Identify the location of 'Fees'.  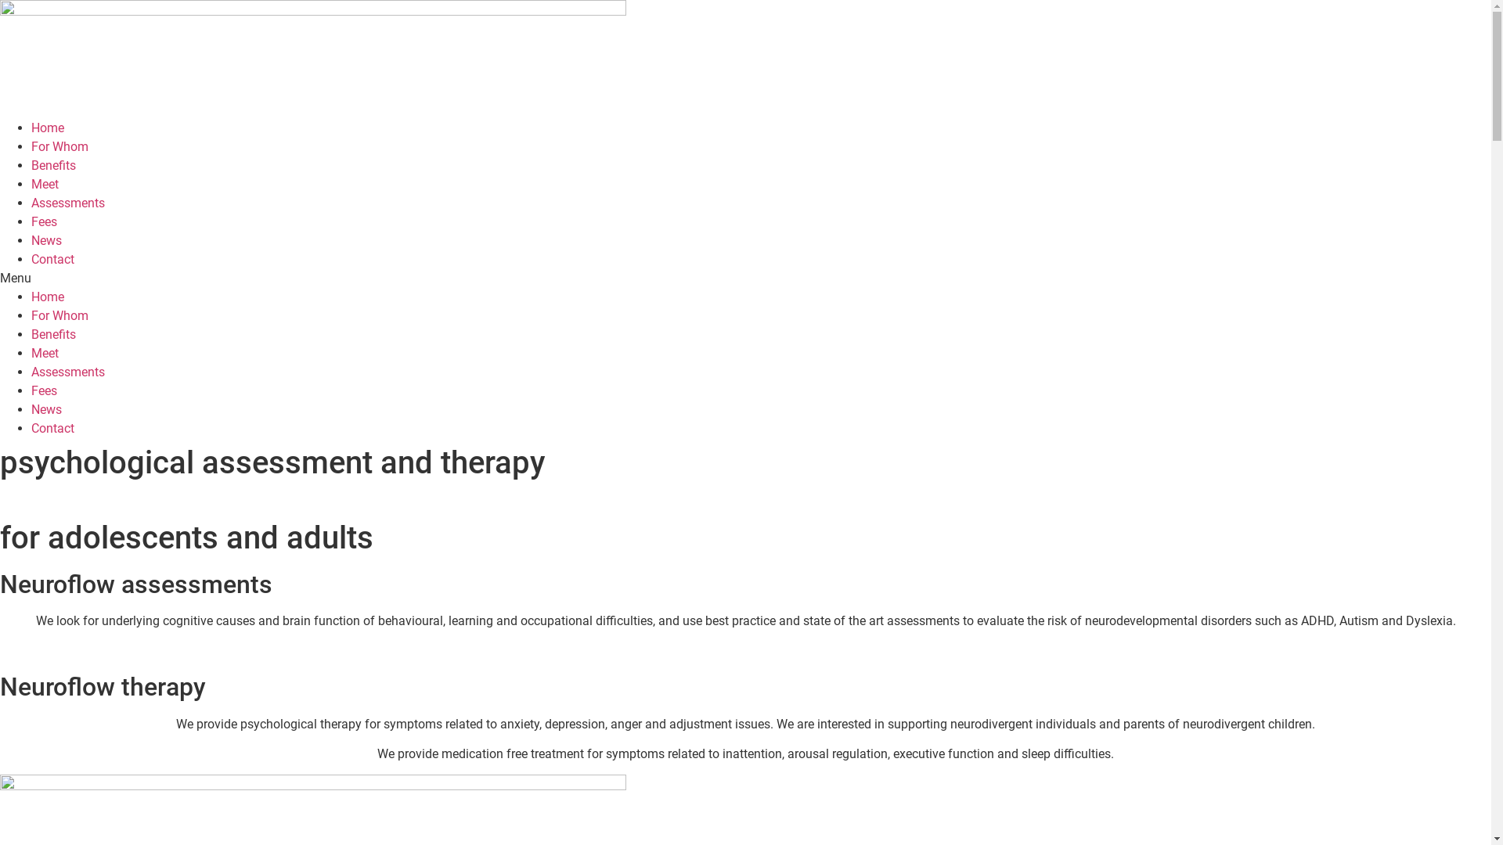
(44, 221).